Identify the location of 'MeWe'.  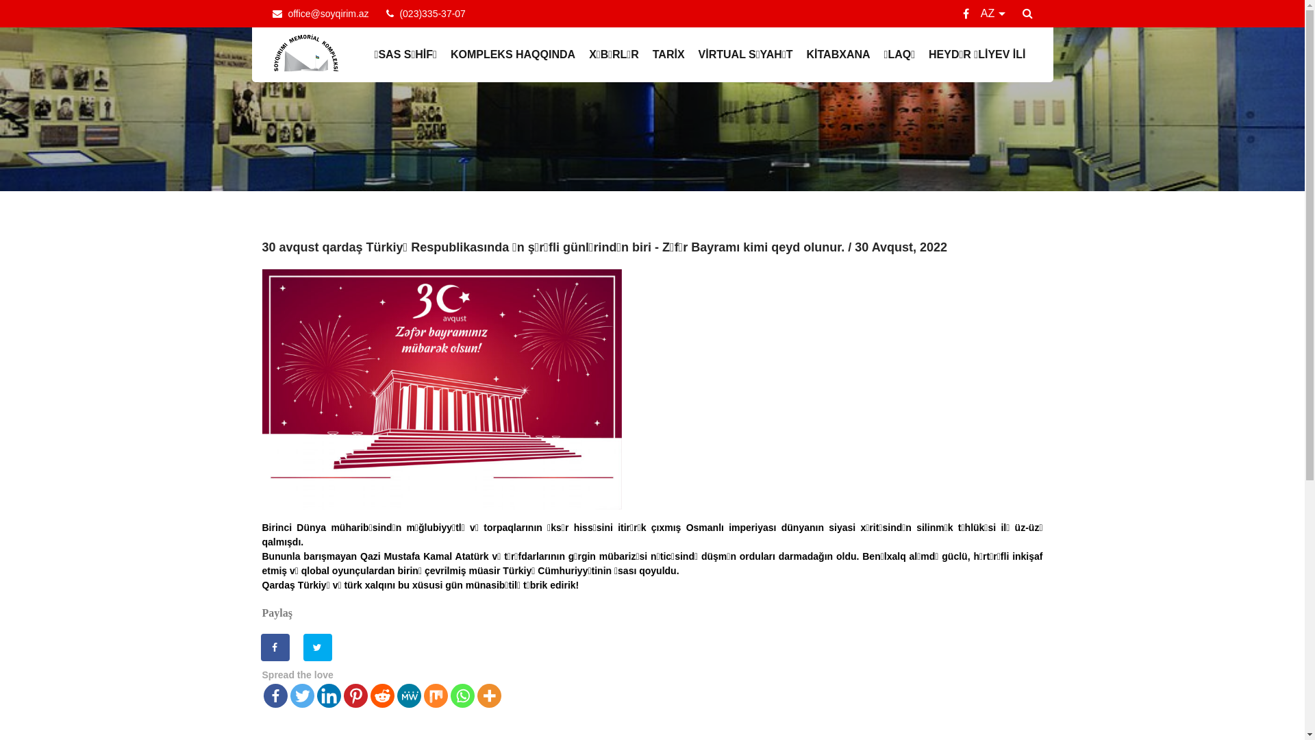
(408, 695).